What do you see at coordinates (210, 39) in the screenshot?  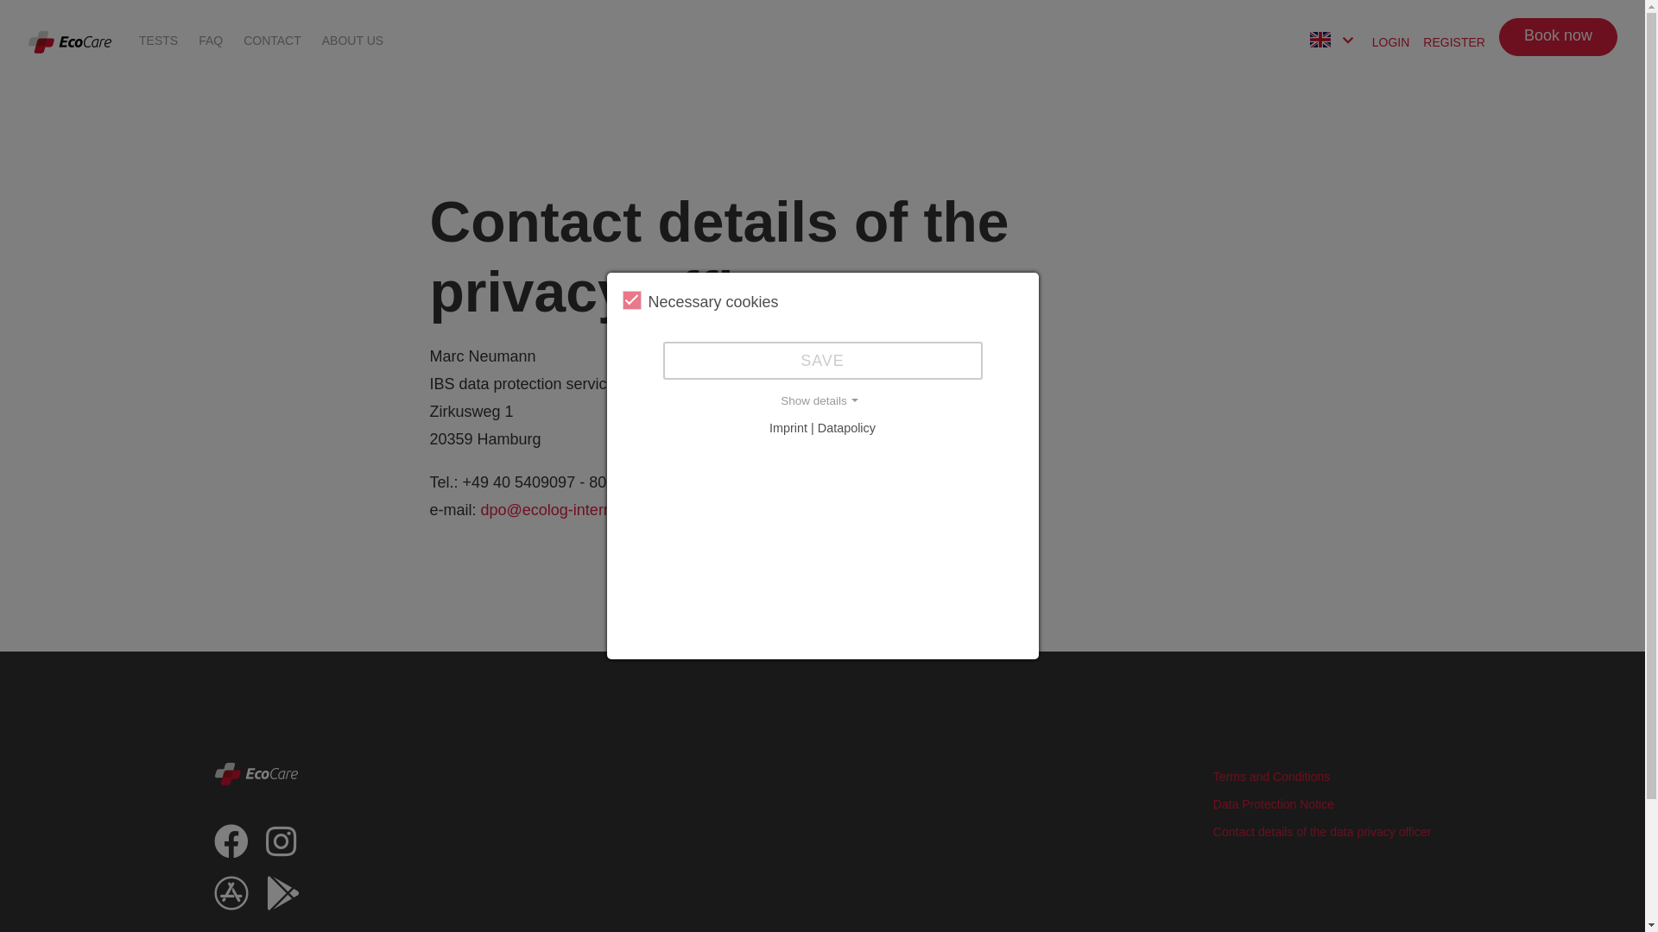 I see `'FAQ'` at bounding box center [210, 39].